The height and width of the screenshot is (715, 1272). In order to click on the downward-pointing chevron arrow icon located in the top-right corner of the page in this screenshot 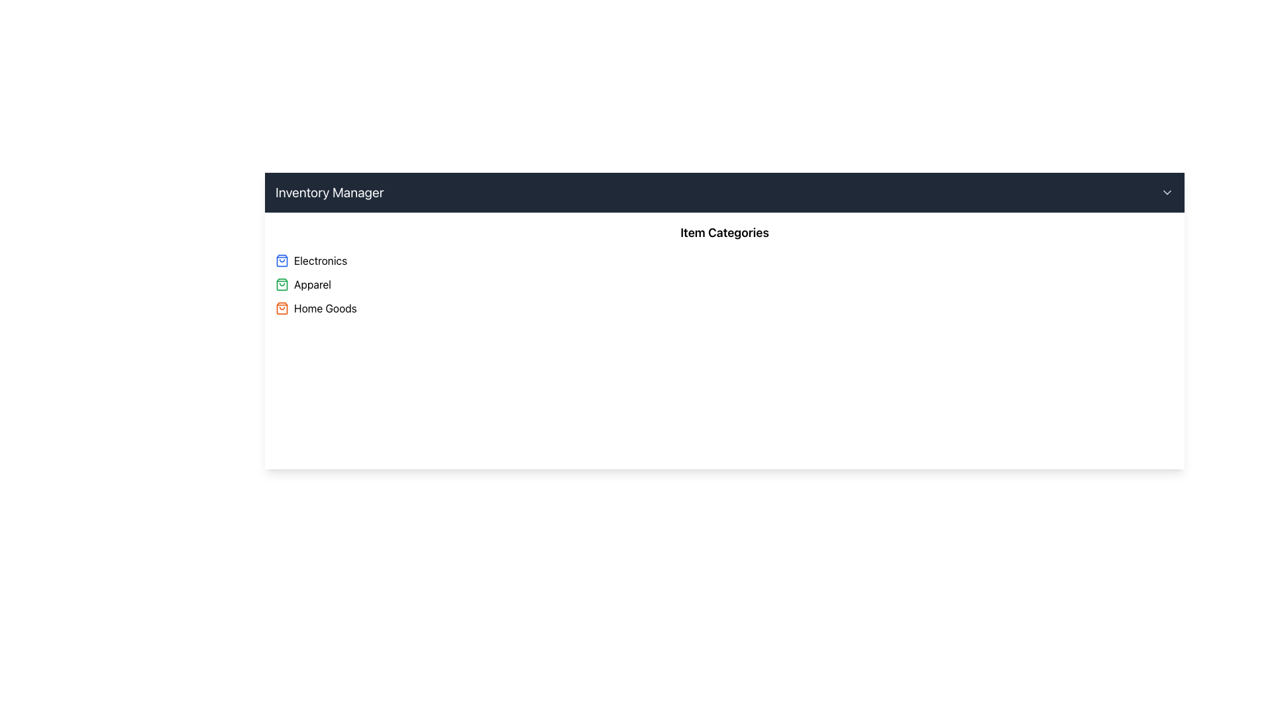, I will do `click(1167, 192)`.